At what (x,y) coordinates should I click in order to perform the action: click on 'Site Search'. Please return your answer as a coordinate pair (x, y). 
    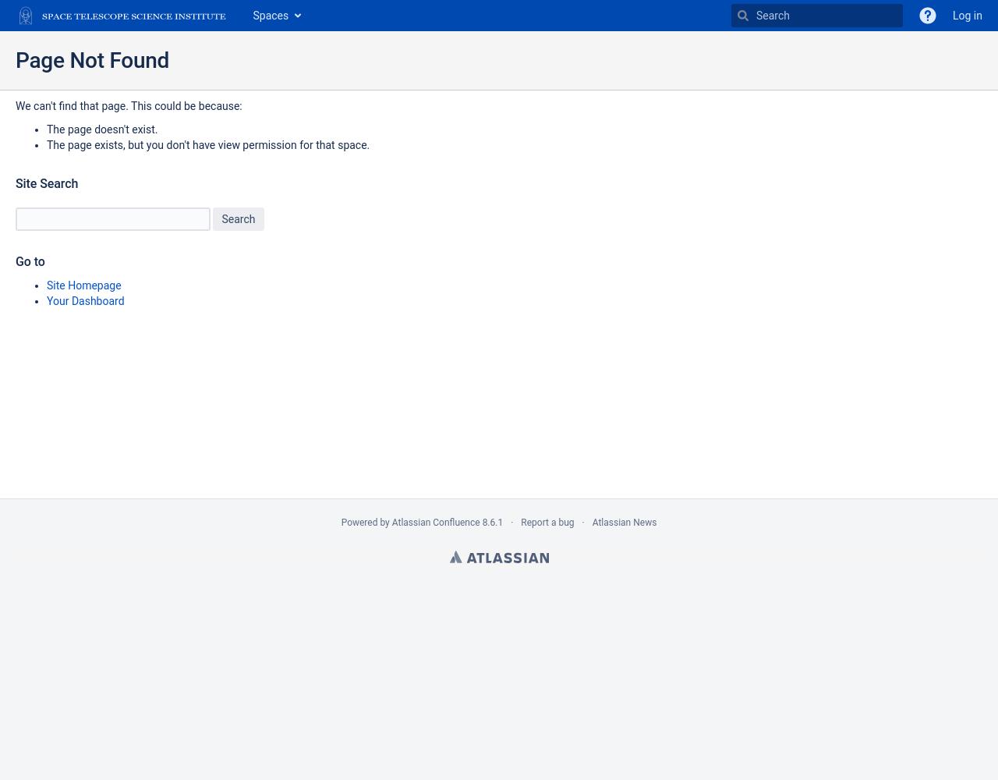
    Looking at the image, I should click on (47, 183).